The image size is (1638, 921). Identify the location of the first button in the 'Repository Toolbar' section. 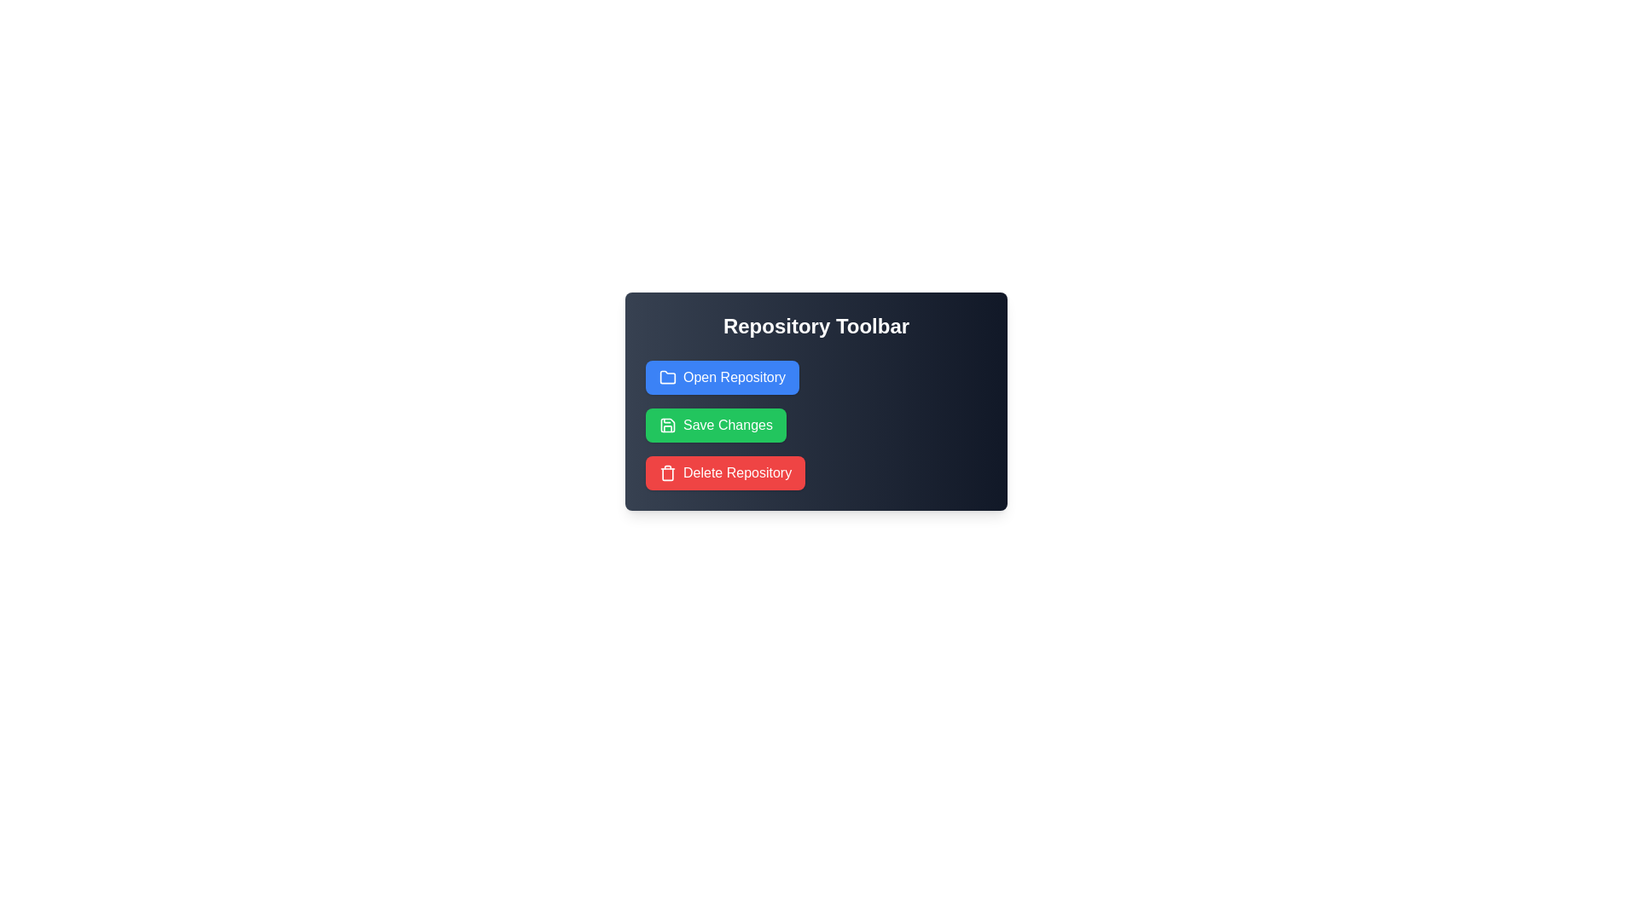
(723, 377).